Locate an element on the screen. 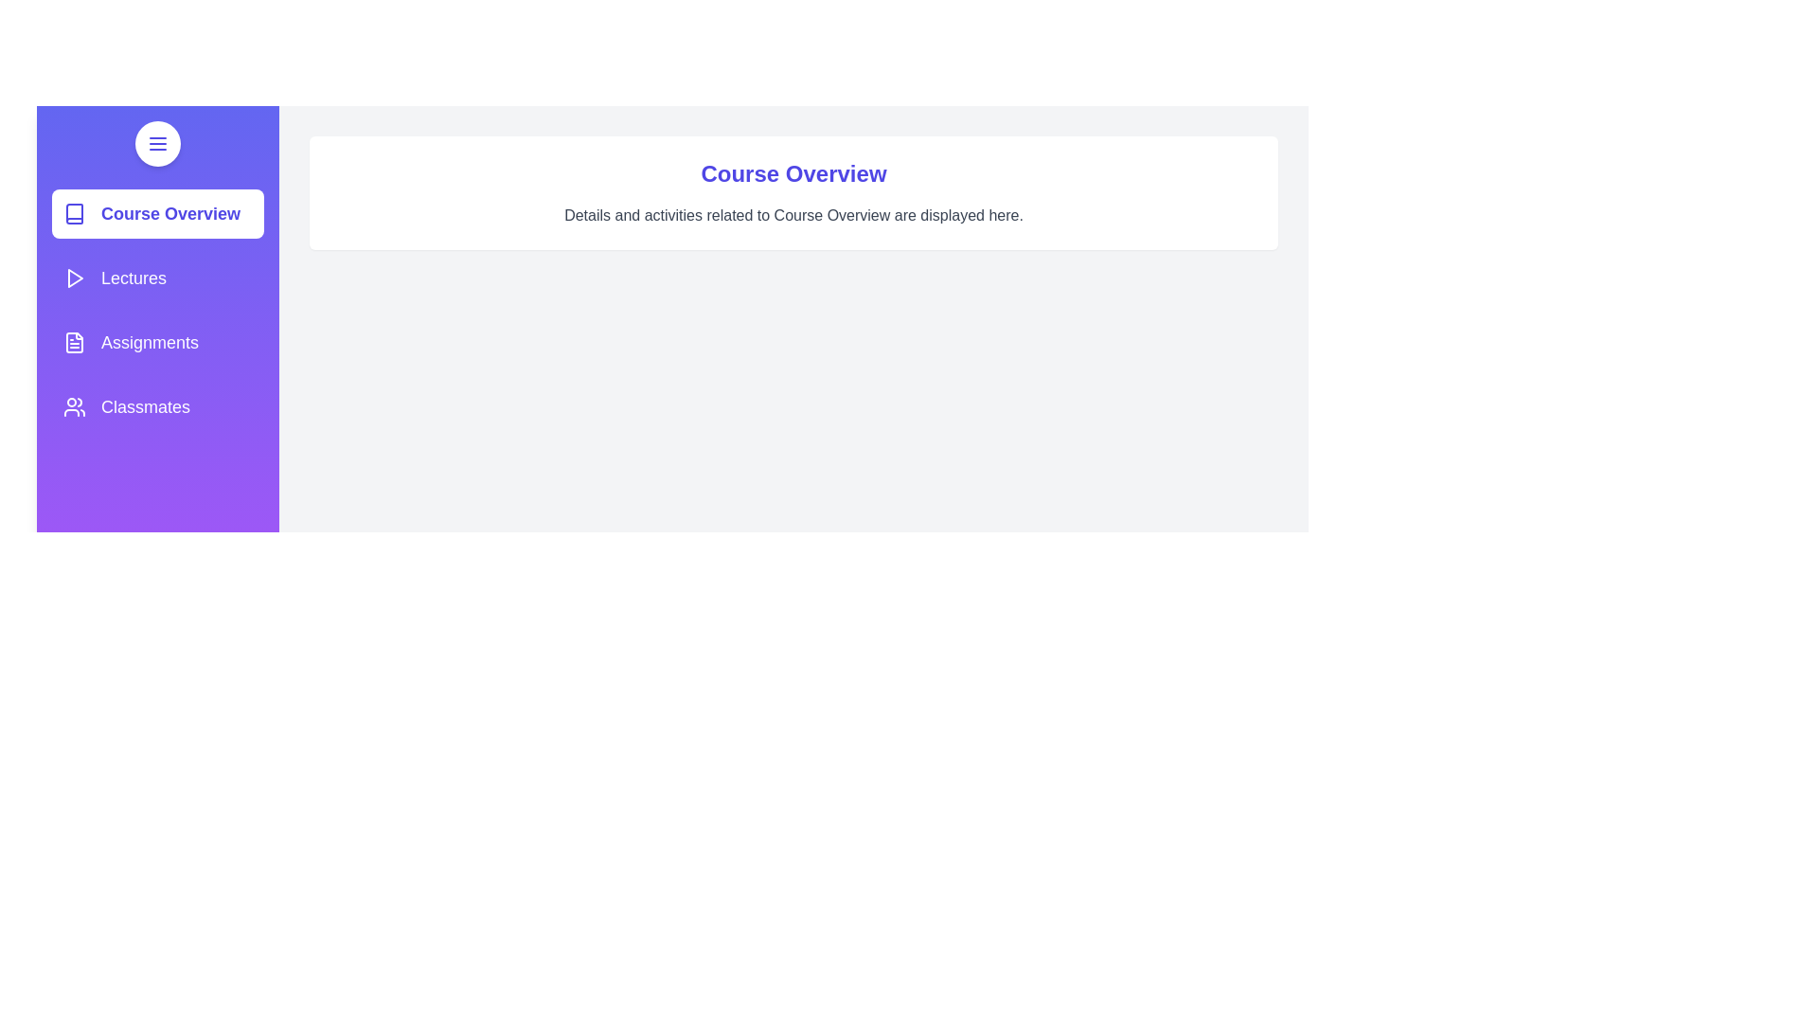 Image resolution: width=1818 pixels, height=1023 pixels. button to toggle the drawer visibility is located at coordinates (158, 142).